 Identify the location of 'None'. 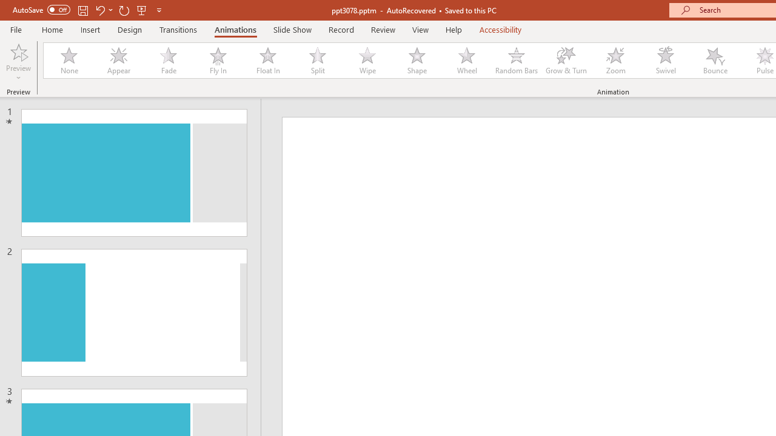
(68, 61).